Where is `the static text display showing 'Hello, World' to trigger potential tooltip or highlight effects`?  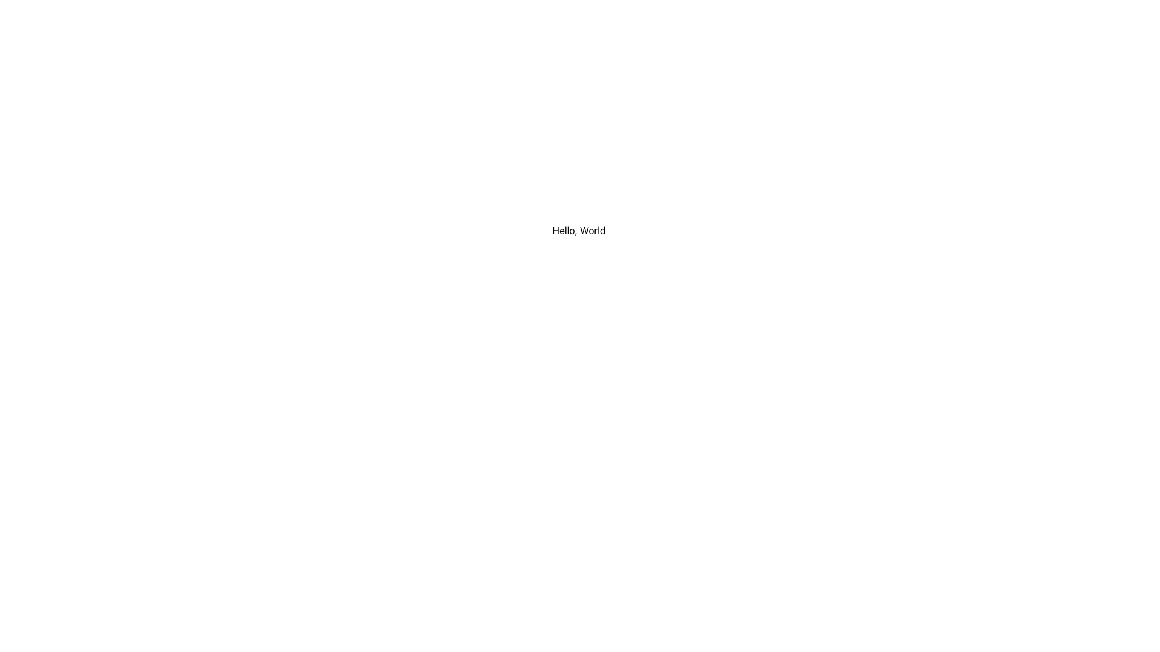
the static text display showing 'Hello, World' to trigger potential tooltip or highlight effects is located at coordinates (578, 230).